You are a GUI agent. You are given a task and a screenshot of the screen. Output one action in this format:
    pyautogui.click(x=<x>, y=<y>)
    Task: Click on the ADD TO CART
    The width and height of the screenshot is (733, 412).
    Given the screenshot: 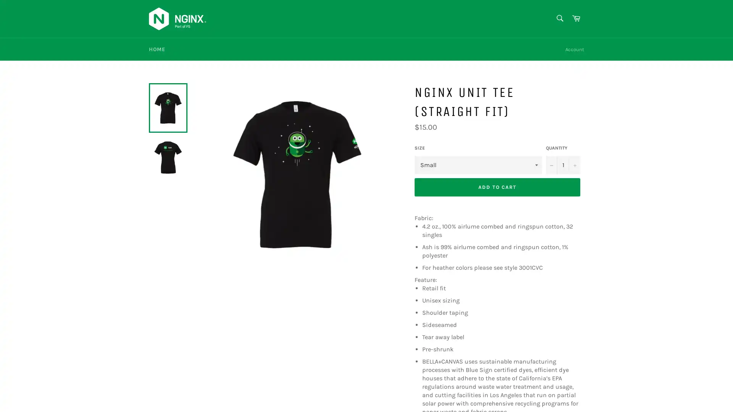 What is the action you would take?
    pyautogui.click(x=497, y=187)
    